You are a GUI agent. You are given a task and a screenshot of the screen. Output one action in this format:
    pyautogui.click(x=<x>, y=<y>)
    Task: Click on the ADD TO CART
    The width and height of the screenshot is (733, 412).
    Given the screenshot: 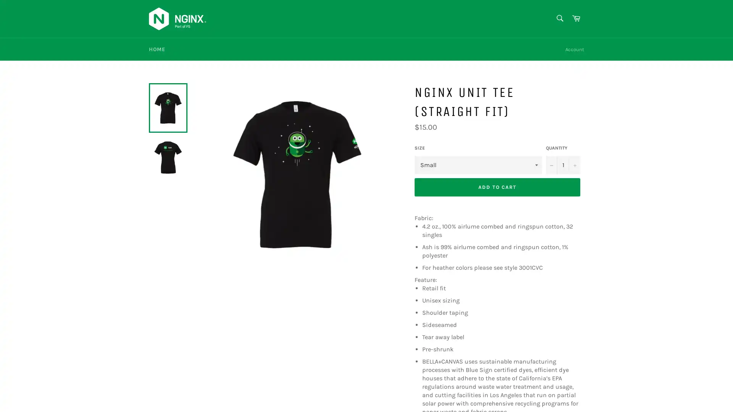 What is the action you would take?
    pyautogui.click(x=497, y=187)
    